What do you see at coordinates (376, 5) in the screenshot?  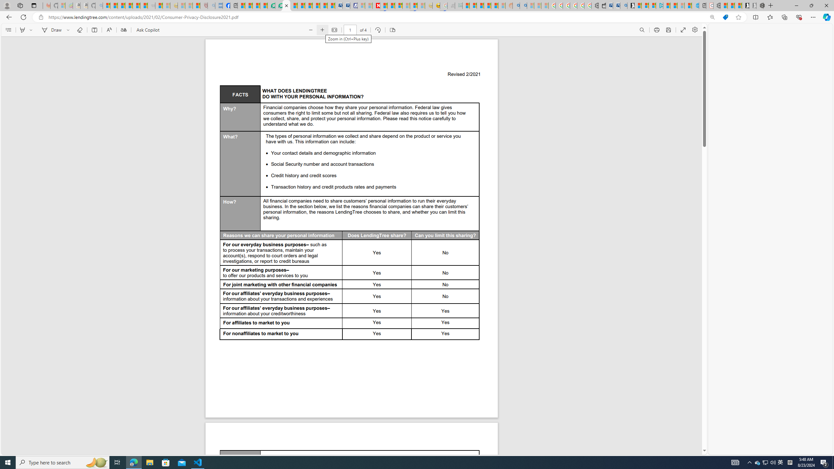 I see `'Latest Politics News & Archive | Newsweek.com'` at bounding box center [376, 5].